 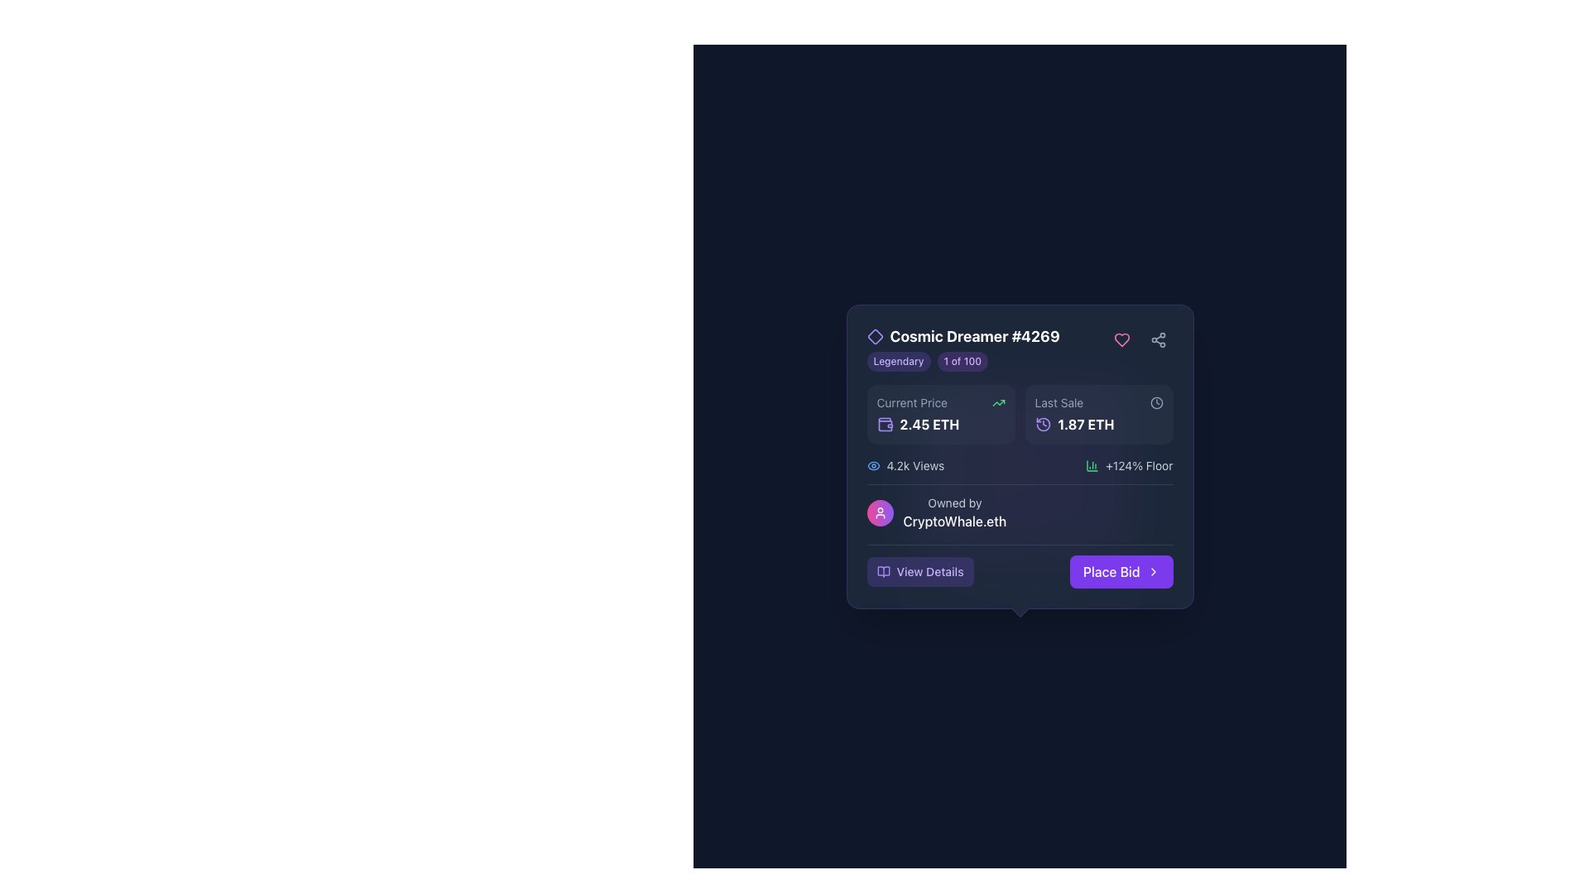 What do you see at coordinates (1111, 570) in the screenshot?
I see `the 'Place Bid' text displayed in bold white font within the purple button located at the bottom-right corner of the information popup window to place a bid` at bounding box center [1111, 570].